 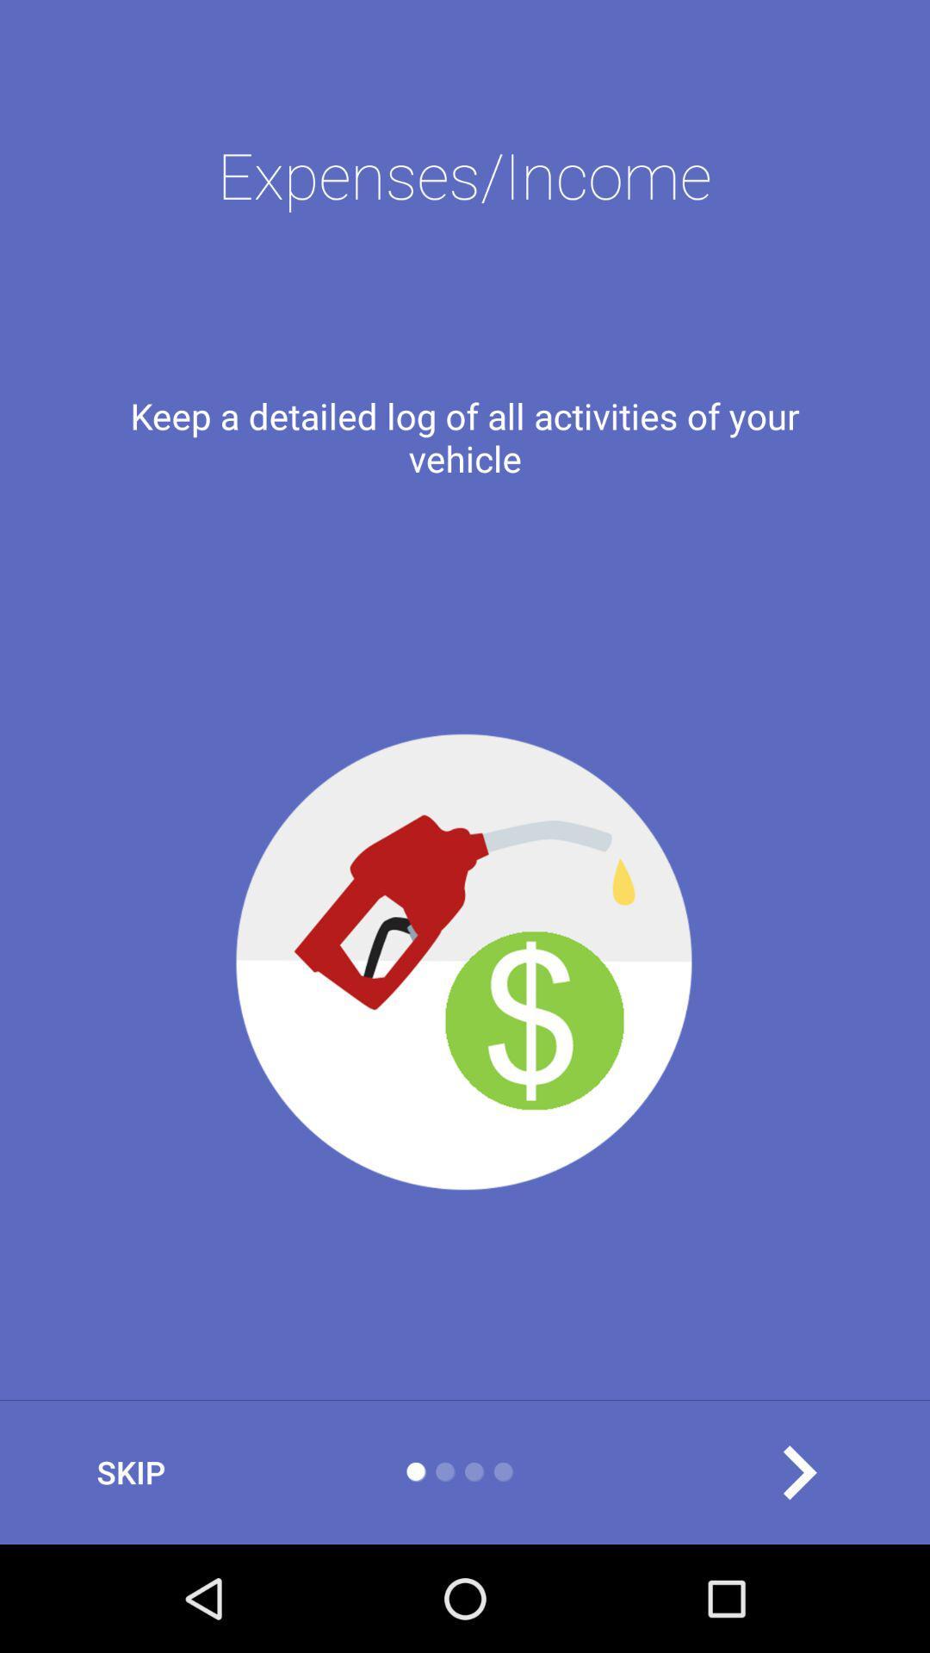 What do you see at coordinates (130, 1471) in the screenshot?
I see `the skip item` at bounding box center [130, 1471].